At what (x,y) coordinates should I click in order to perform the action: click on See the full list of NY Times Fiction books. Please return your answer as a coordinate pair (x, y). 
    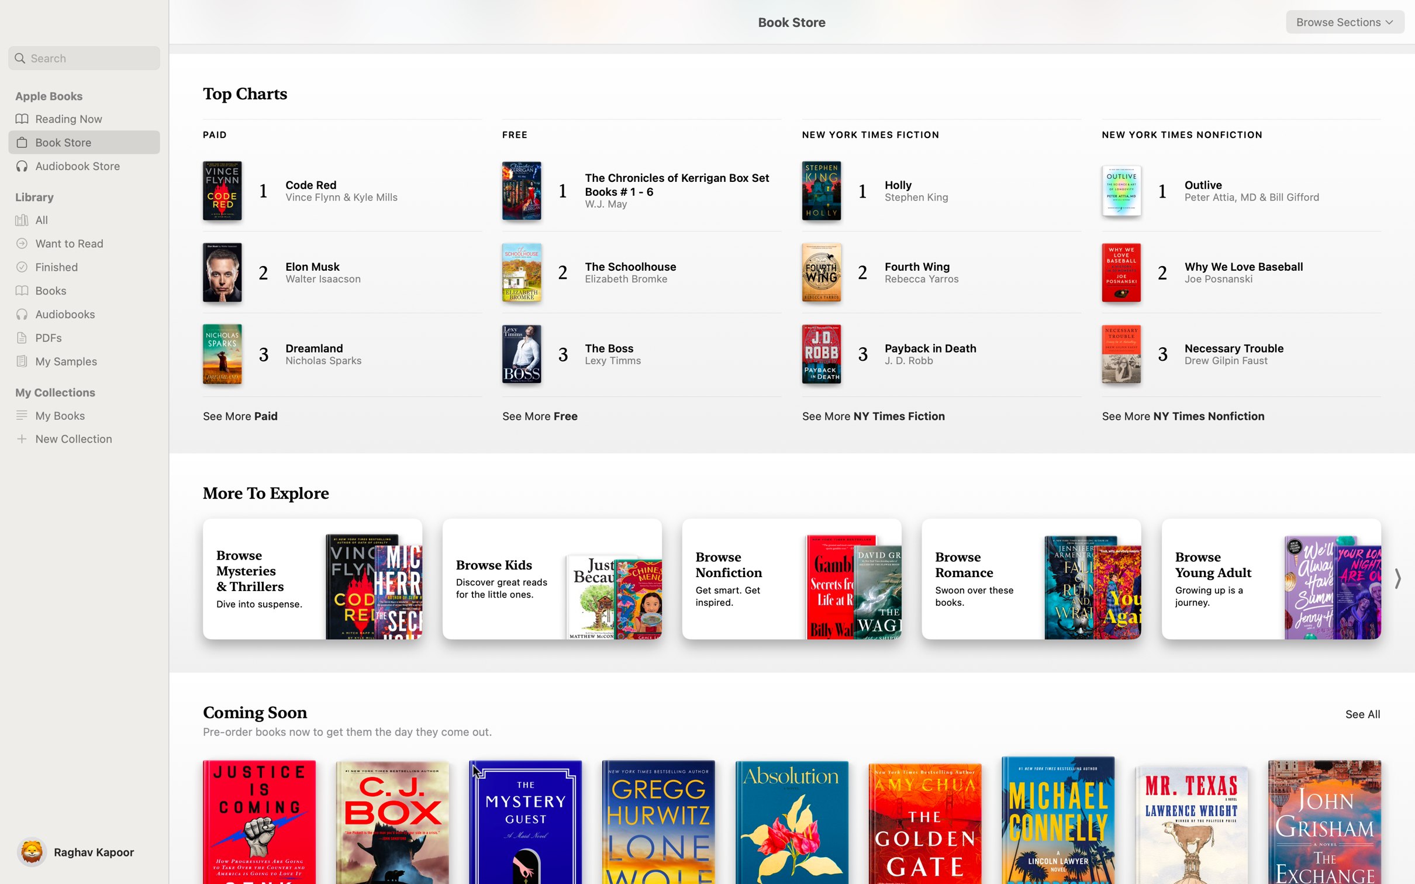
    Looking at the image, I should click on (874, 414).